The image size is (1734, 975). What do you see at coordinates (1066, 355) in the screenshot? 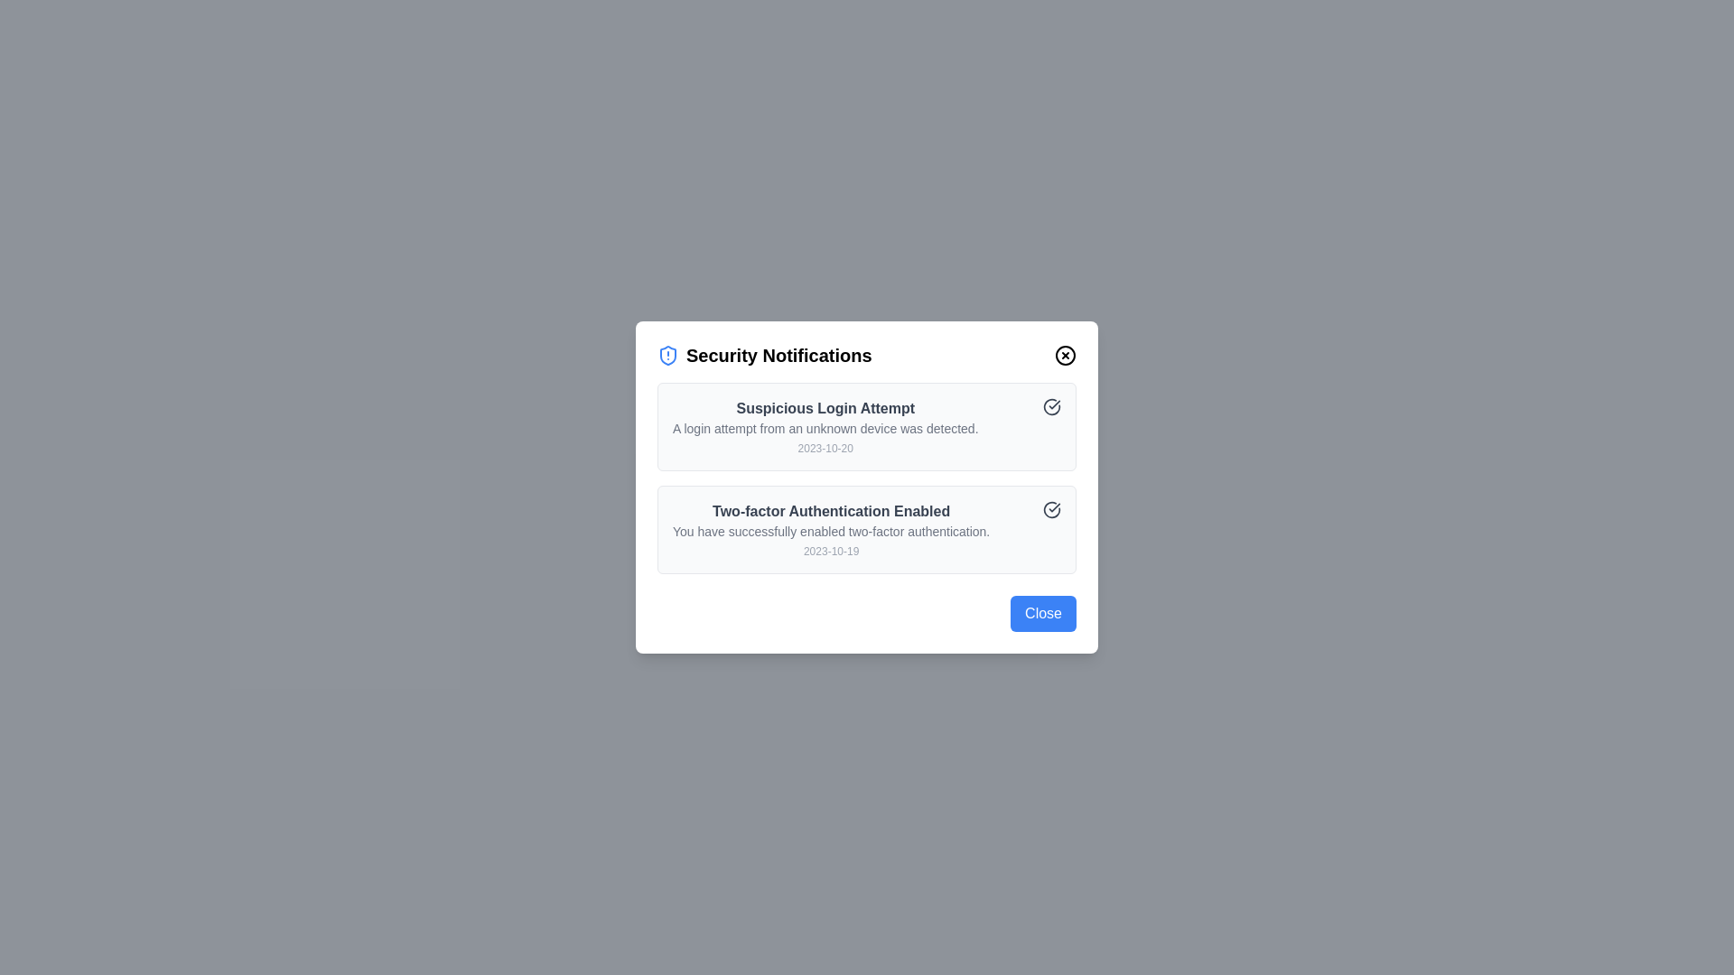
I see `the SVG Circle element, which is a circular outline with a thin stroke, located at the top-right corner of the notification dialog box` at bounding box center [1066, 355].